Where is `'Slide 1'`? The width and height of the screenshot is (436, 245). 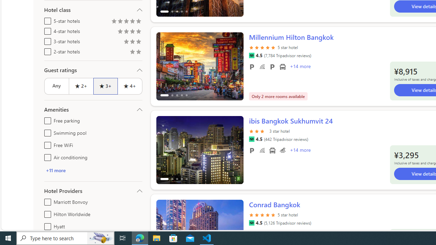
'Slide 1' is located at coordinates (199, 150).